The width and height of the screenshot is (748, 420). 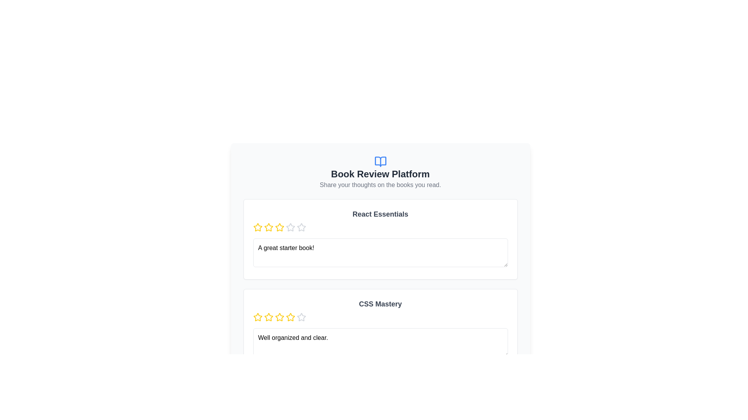 I want to click on the fifth star in the rating row below the review titled 'CSS Mastery', so click(x=301, y=317).